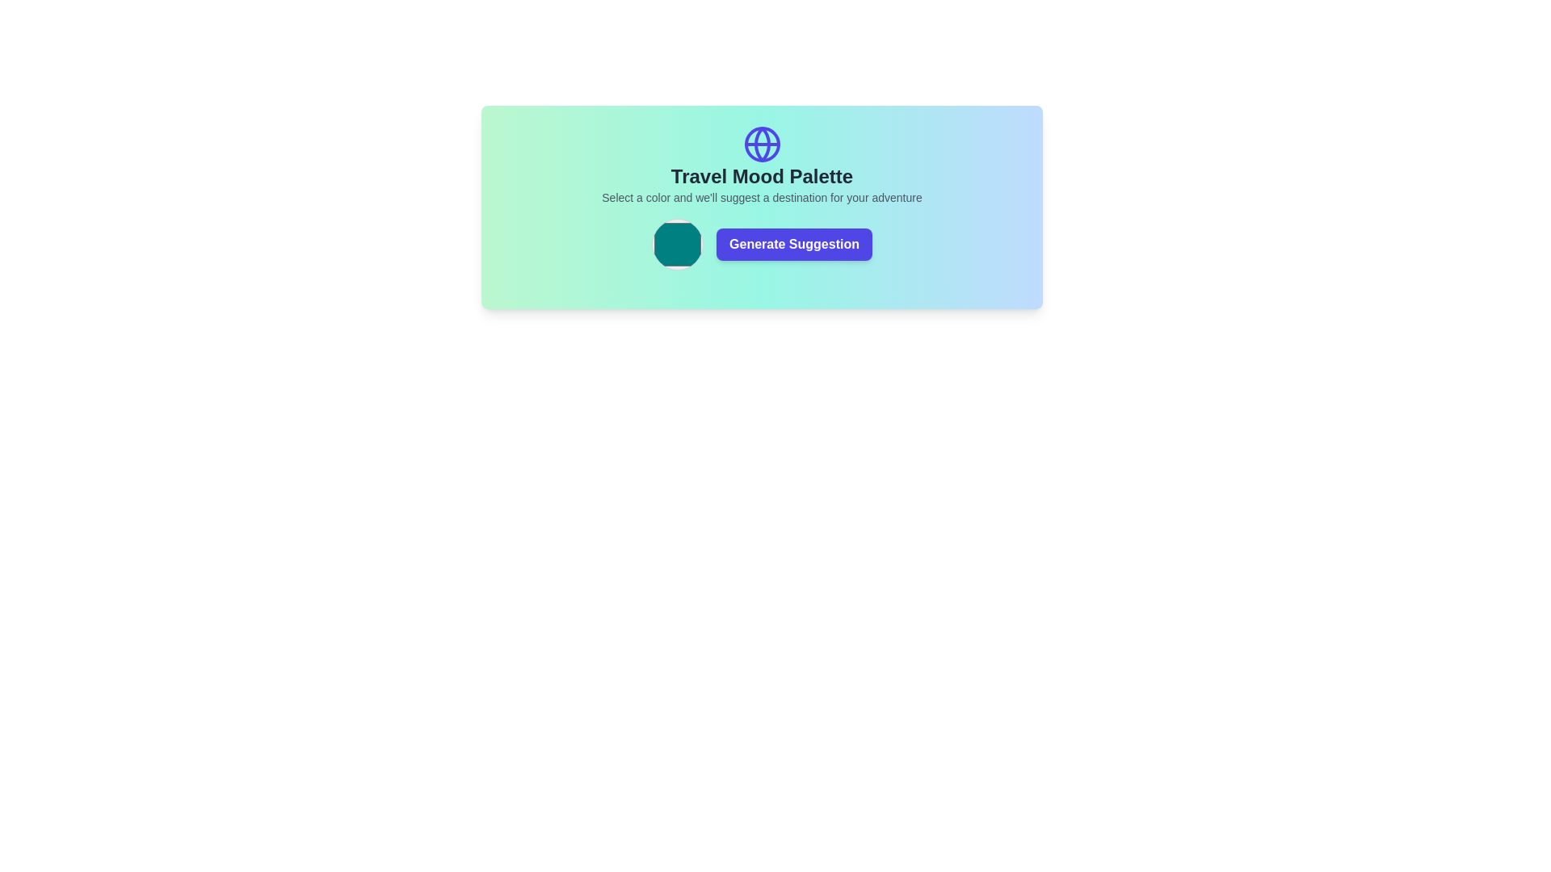 The height and width of the screenshot is (872, 1551). I want to click on the circular globe icon with line art, prominently colored in deep indigo, located directly above the title 'Travel Mood Palette', so click(761, 143).